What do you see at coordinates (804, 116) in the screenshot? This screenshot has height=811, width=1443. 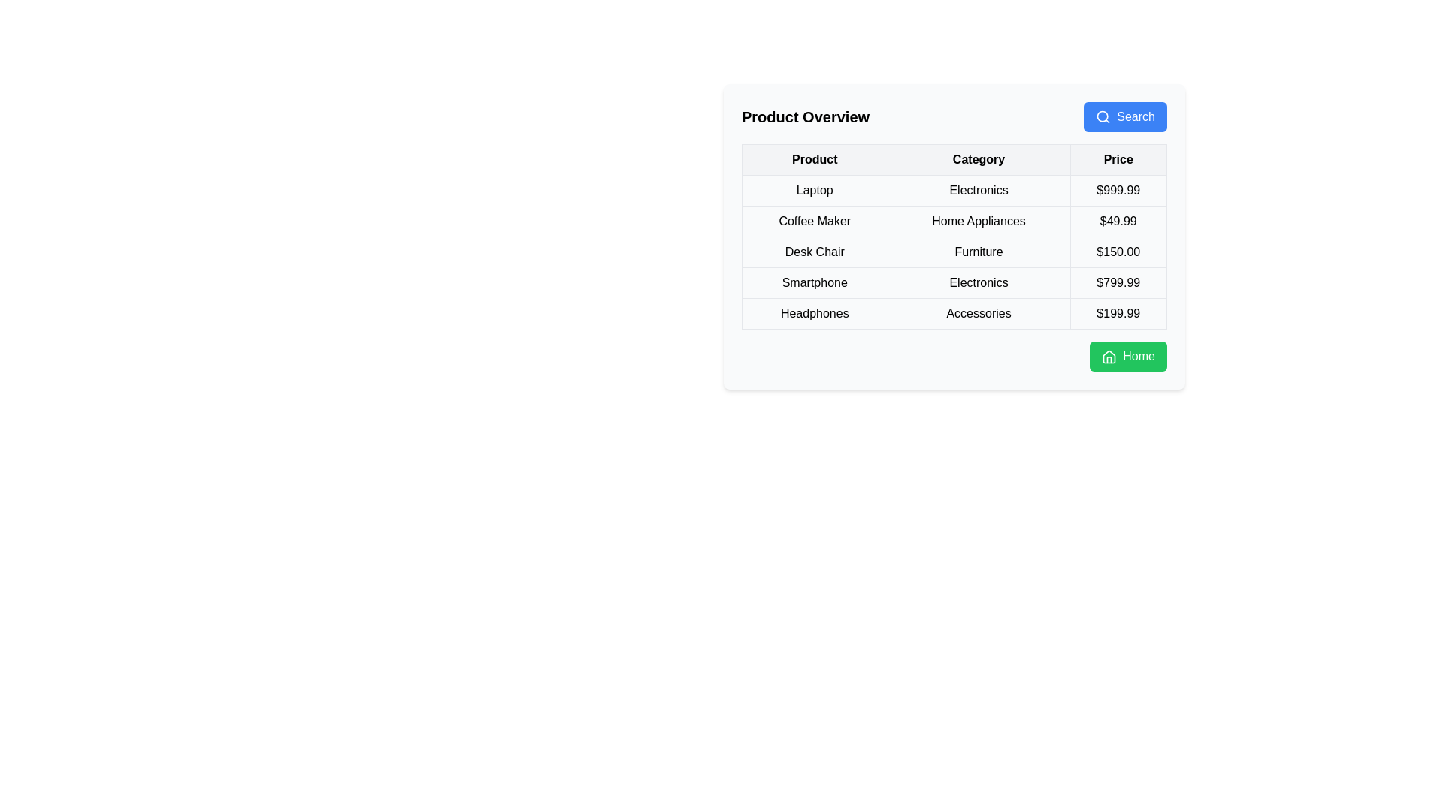 I see `the bold, black text label reading 'Product Overview', which is positioned on the upper-left side of the interface against a white background` at bounding box center [804, 116].